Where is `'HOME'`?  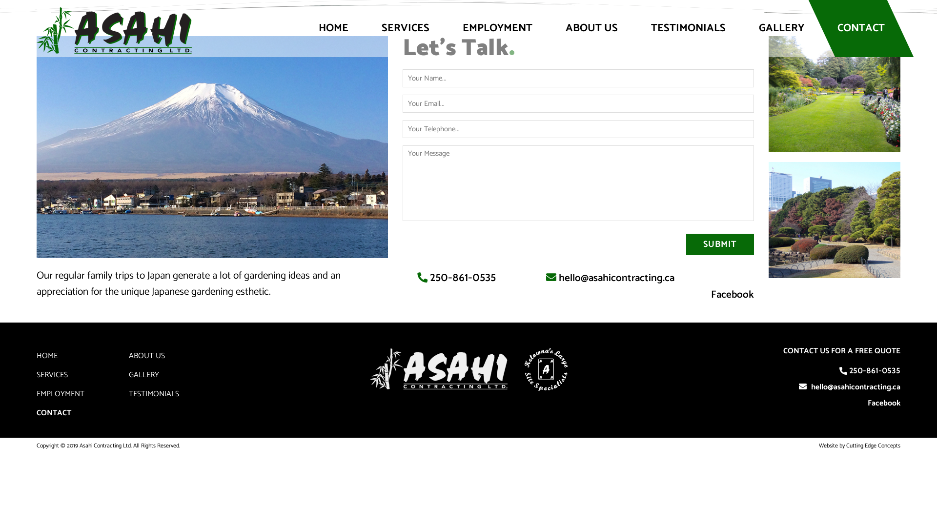
'HOME' is located at coordinates (333, 28).